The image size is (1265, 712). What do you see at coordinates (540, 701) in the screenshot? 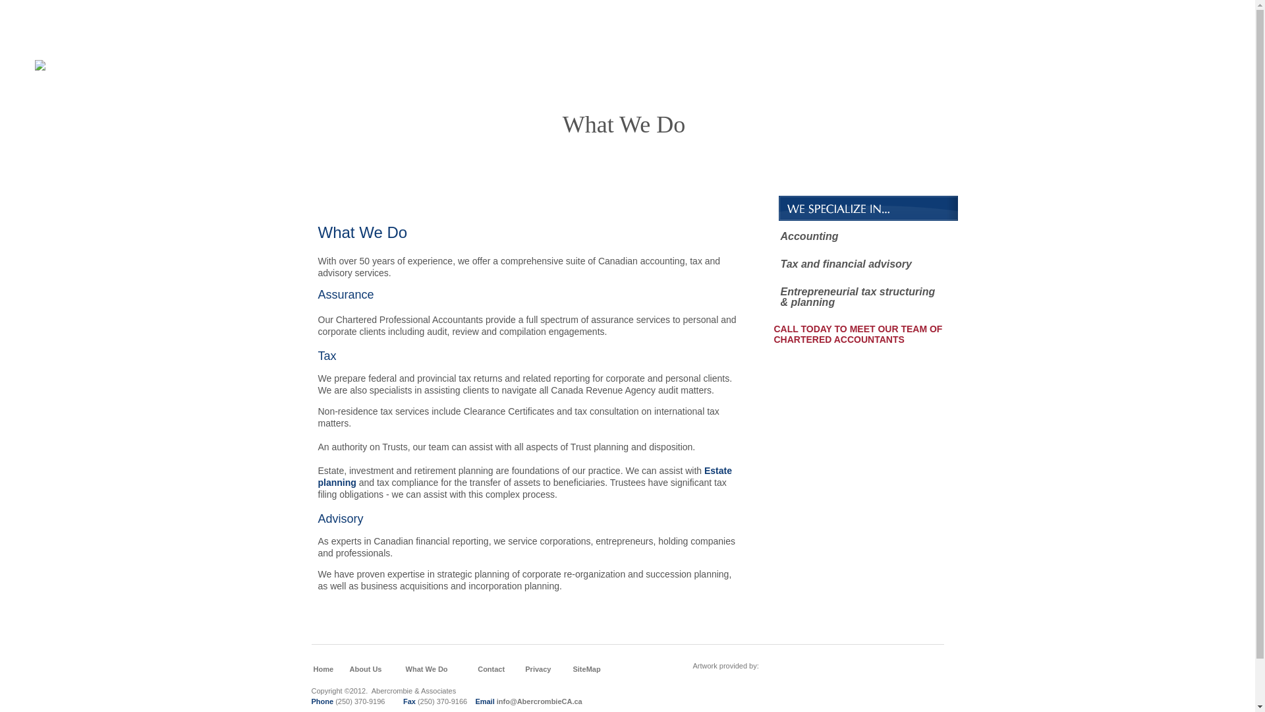
I see `'info@AbercrombieCA.ca'` at bounding box center [540, 701].